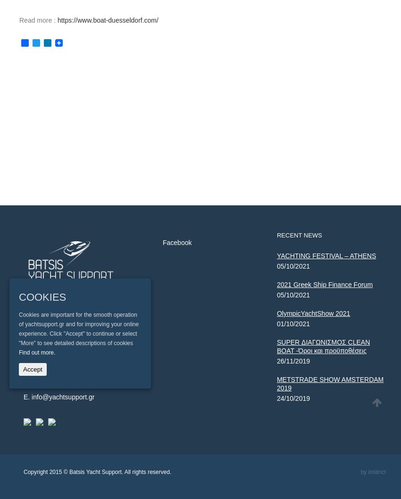 This screenshot has height=499, width=401. What do you see at coordinates (329, 384) in the screenshot?
I see `'METSTRADE SHOW AMSTERDAM 2019'` at bounding box center [329, 384].